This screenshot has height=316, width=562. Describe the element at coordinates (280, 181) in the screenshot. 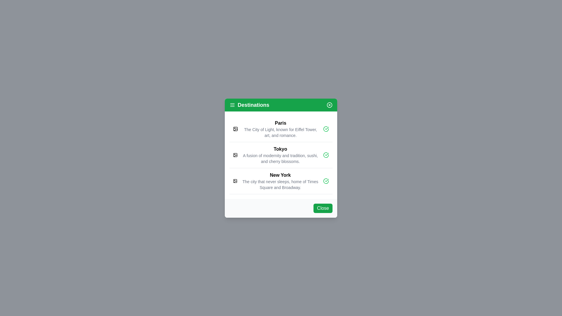

I see `the textual content that reads 'New York' and describes it as 'The city that never sleeps, home of Times Square and Broadway.' This element is the third item in a vertical list` at that location.